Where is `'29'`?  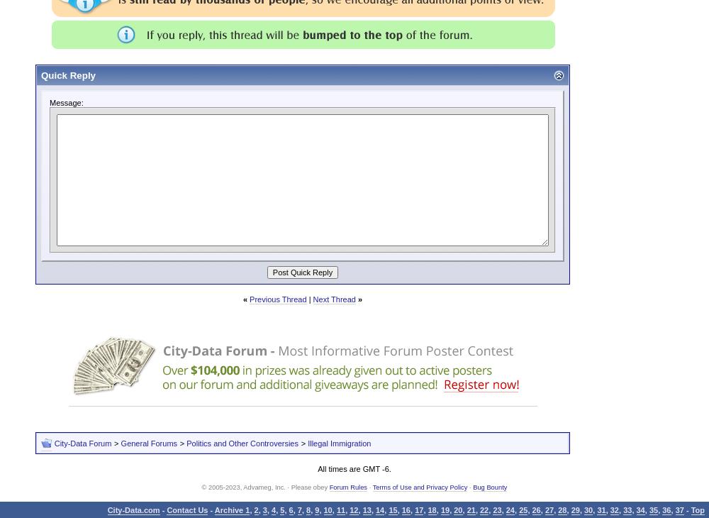 '29' is located at coordinates (575, 509).